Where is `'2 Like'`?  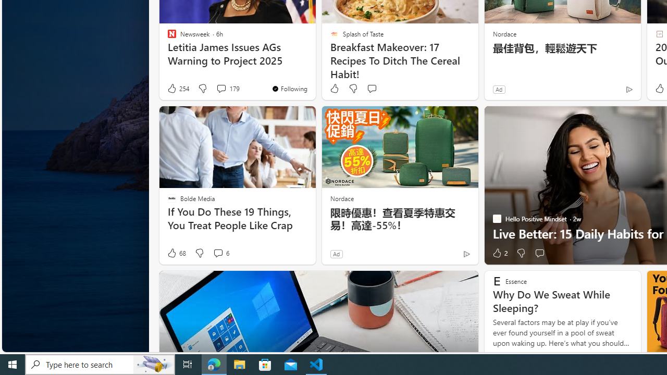 '2 Like' is located at coordinates (499, 253).